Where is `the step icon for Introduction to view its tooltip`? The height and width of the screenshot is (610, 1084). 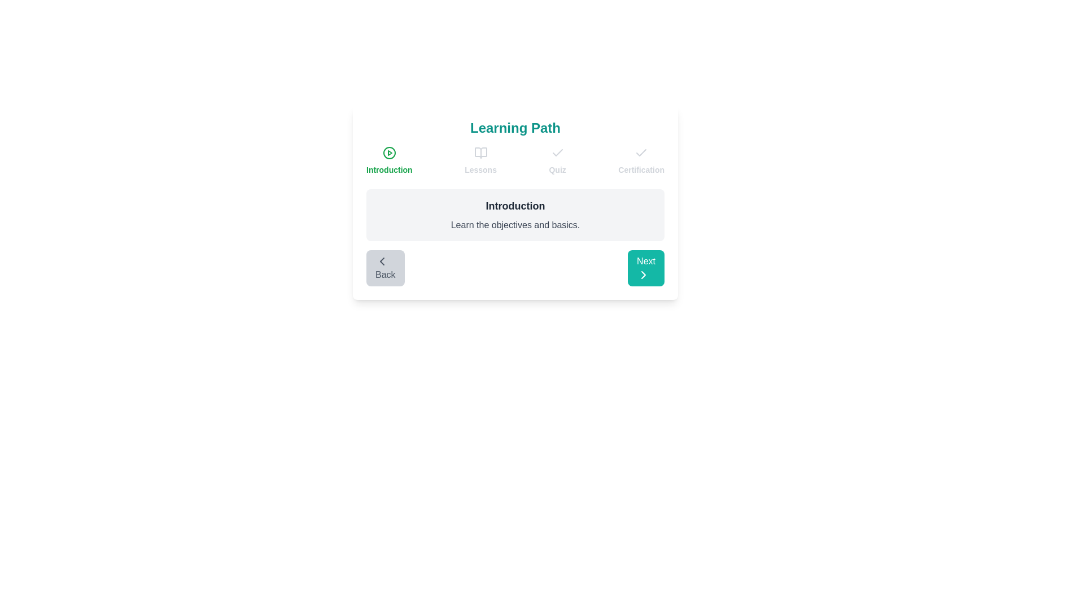
the step icon for Introduction to view its tooltip is located at coordinates (389, 152).